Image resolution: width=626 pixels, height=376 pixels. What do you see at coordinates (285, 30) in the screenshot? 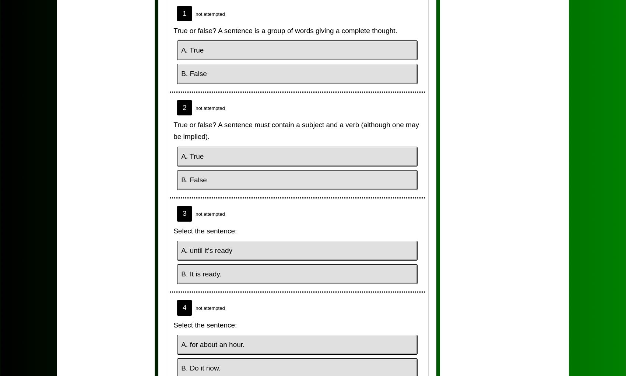
I see `'True or false? A sentence is a group of words giving a complete thought.'` at bounding box center [285, 30].